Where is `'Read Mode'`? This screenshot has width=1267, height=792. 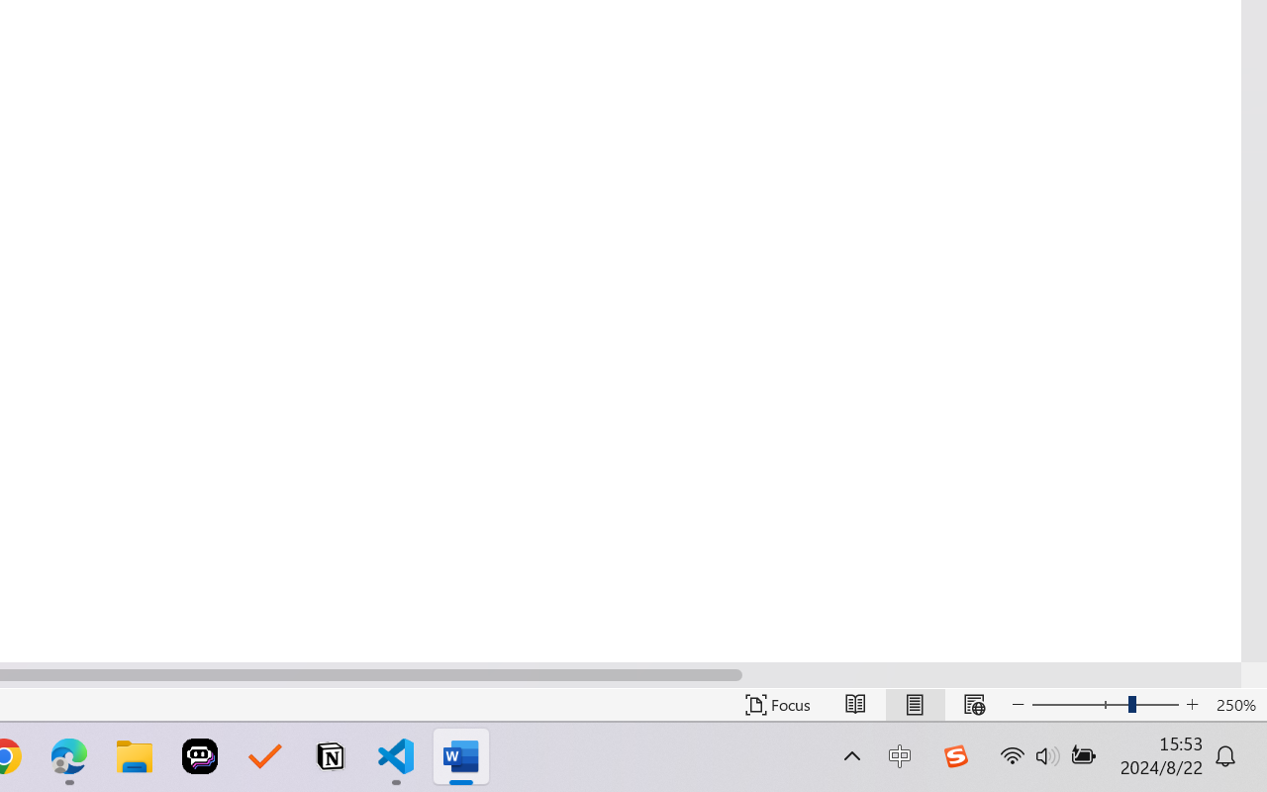 'Read Mode' is located at coordinates (855, 704).